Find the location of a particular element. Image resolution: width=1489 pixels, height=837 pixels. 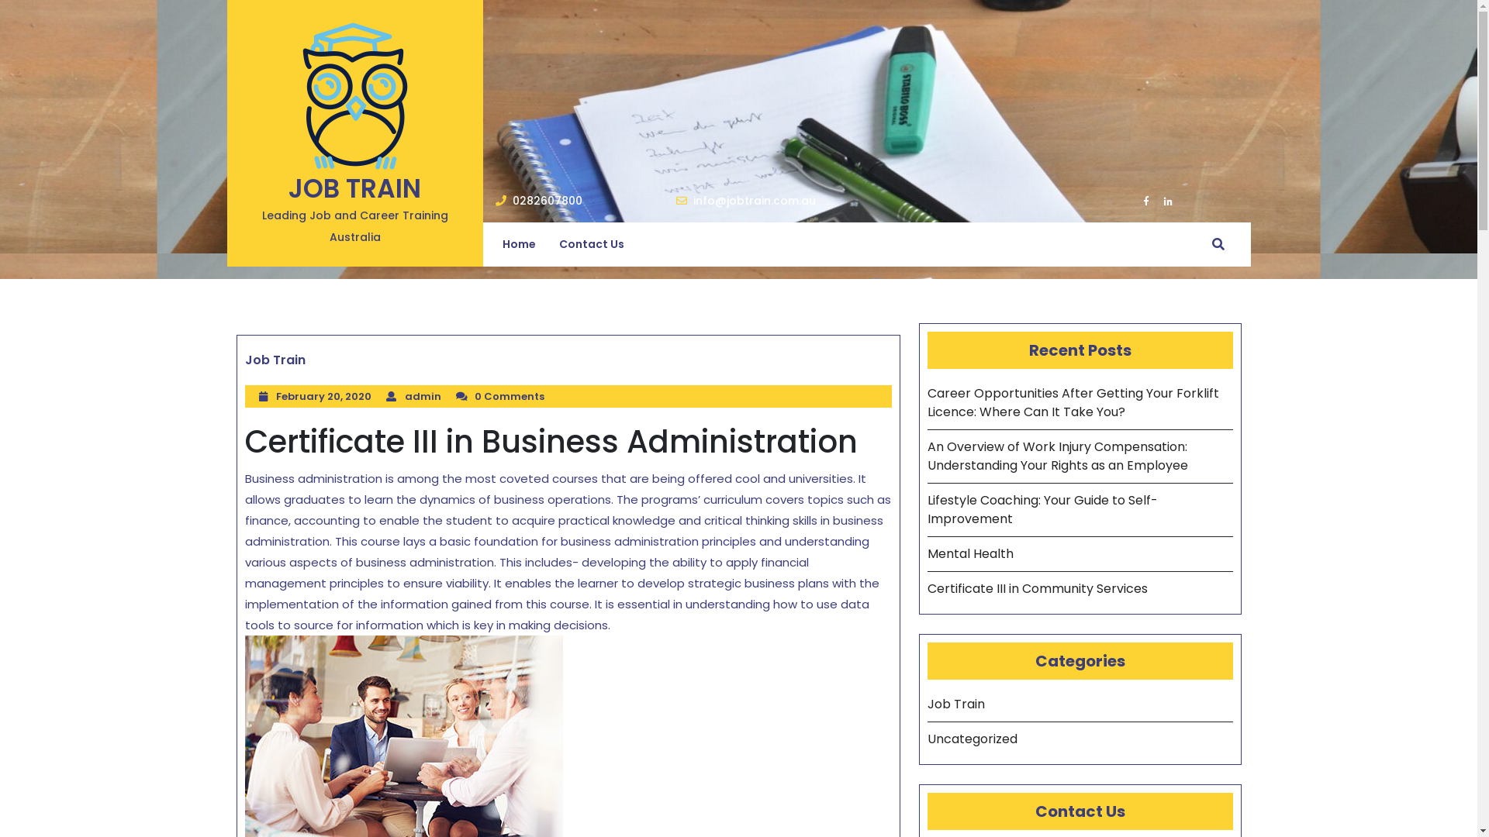

'0282607800 is located at coordinates (538, 200).